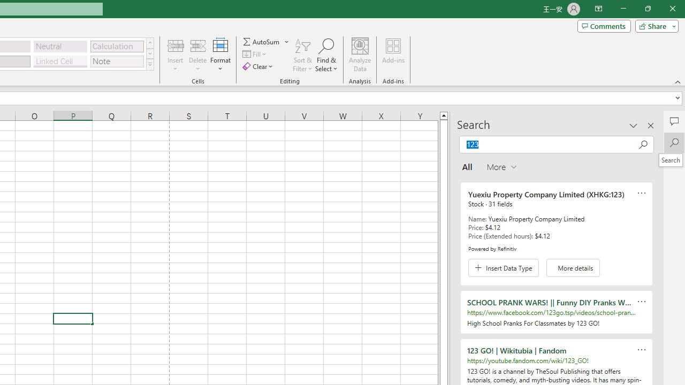 The image size is (685, 385). Describe the element at coordinates (326, 55) in the screenshot. I see `'Find & Select'` at that location.